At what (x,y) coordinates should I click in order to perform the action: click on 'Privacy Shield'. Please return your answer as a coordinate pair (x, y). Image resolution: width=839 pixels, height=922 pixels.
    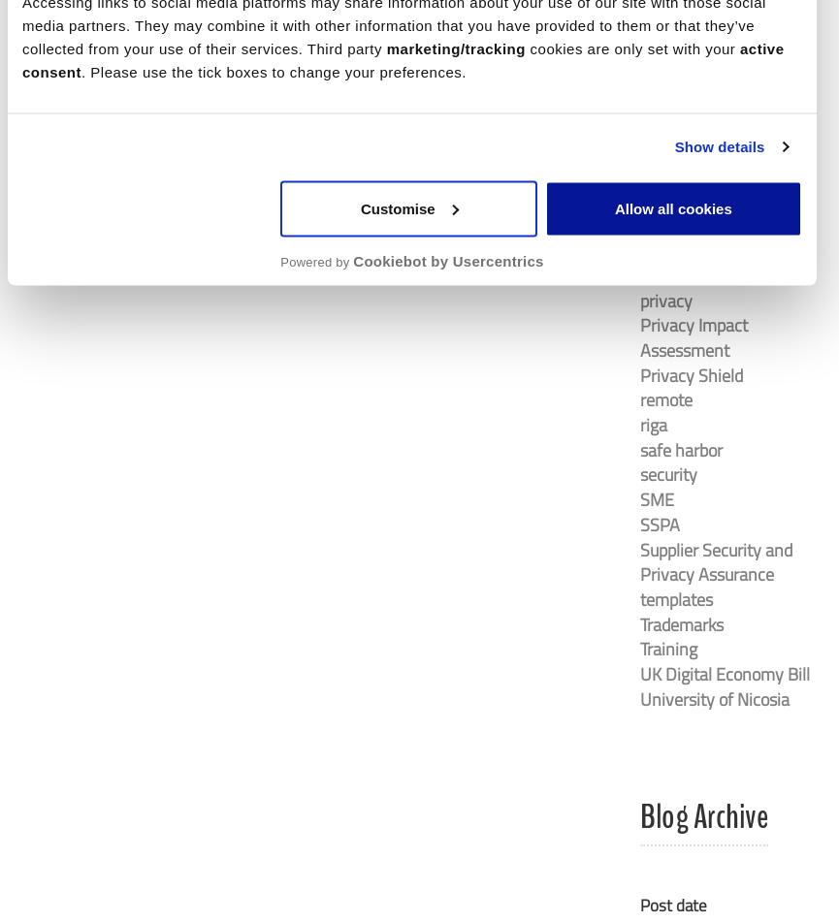
    Looking at the image, I should click on (692, 374).